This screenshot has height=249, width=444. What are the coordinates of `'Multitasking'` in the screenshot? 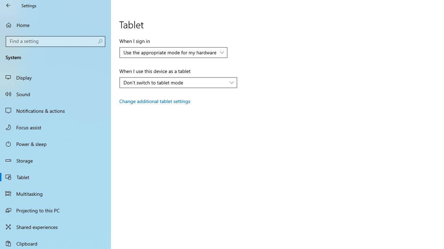 It's located at (55, 193).